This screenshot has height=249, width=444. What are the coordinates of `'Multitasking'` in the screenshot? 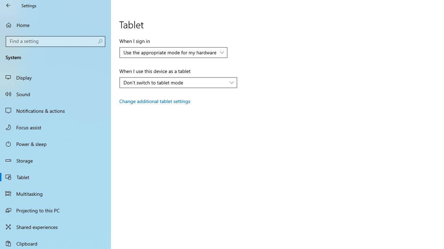 It's located at (55, 193).